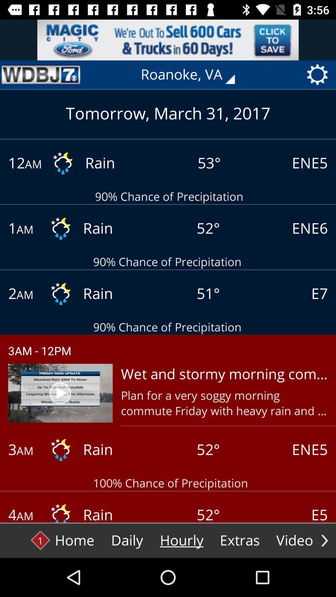 The height and width of the screenshot is (597, 336). What do you see at coordinates (60, 392) in the screenshot?
I see `tap on the play symbol mentioned in video clip` at bounding box center [60, 392].